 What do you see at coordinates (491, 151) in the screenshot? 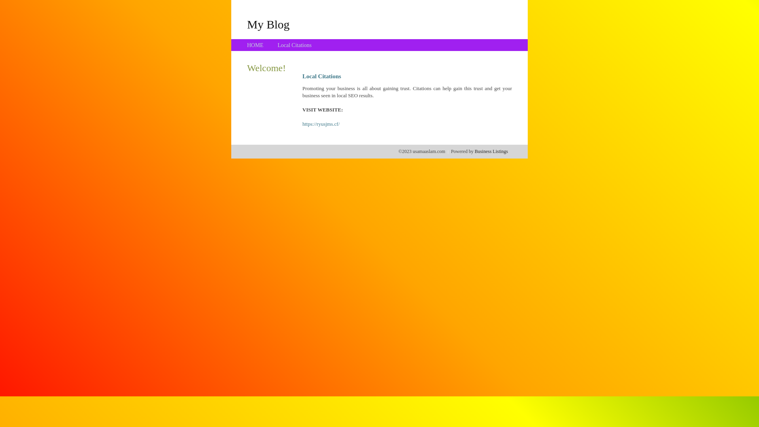
I see `'Business Listings'` at bounding box center [491, 151].